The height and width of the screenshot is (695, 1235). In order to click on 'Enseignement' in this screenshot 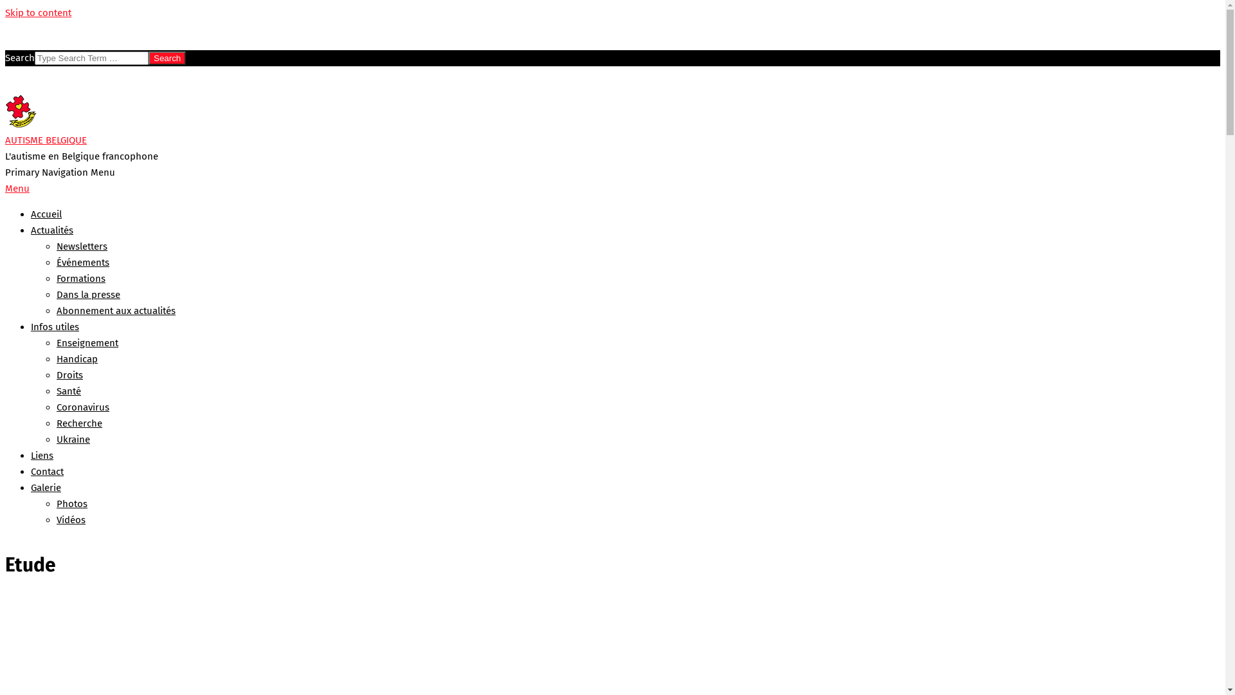, I will do `click(86, 342)`.